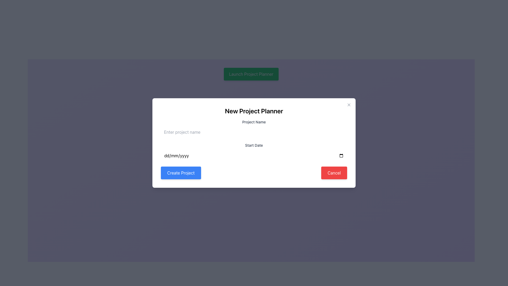 The width and height of the screenshot is (508, 286). Describe the element at coordinates (181, 173) in the screenshot. I see `the submit button in the bottom-left corner of the 'New Project Planner' modal to change its color` at that location.